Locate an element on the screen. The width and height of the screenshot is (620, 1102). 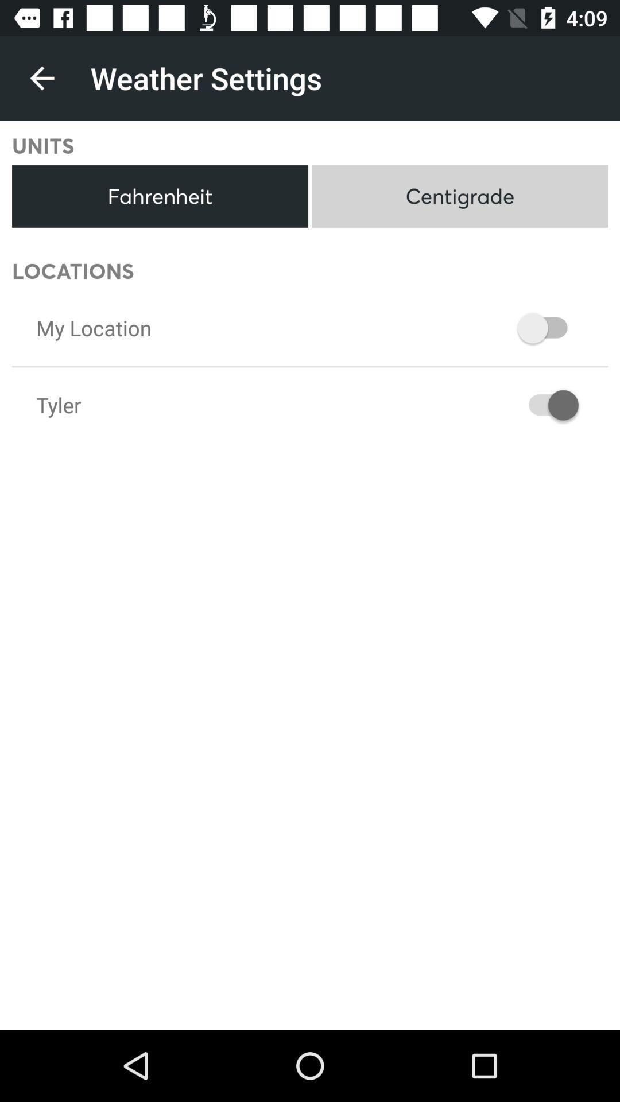
the icon next to weather settings icon is located at coordinates (41, 77).